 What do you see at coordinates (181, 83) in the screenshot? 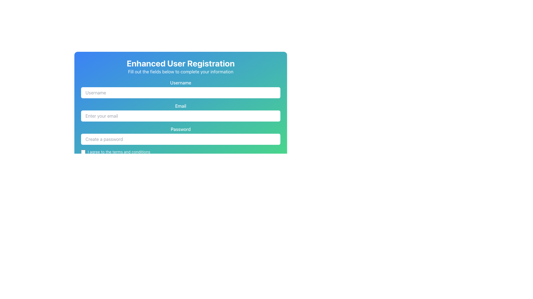
I see `the text label displaying 'Username' in white font, positioned above the input box for the username` at bounding box center [181, 83].